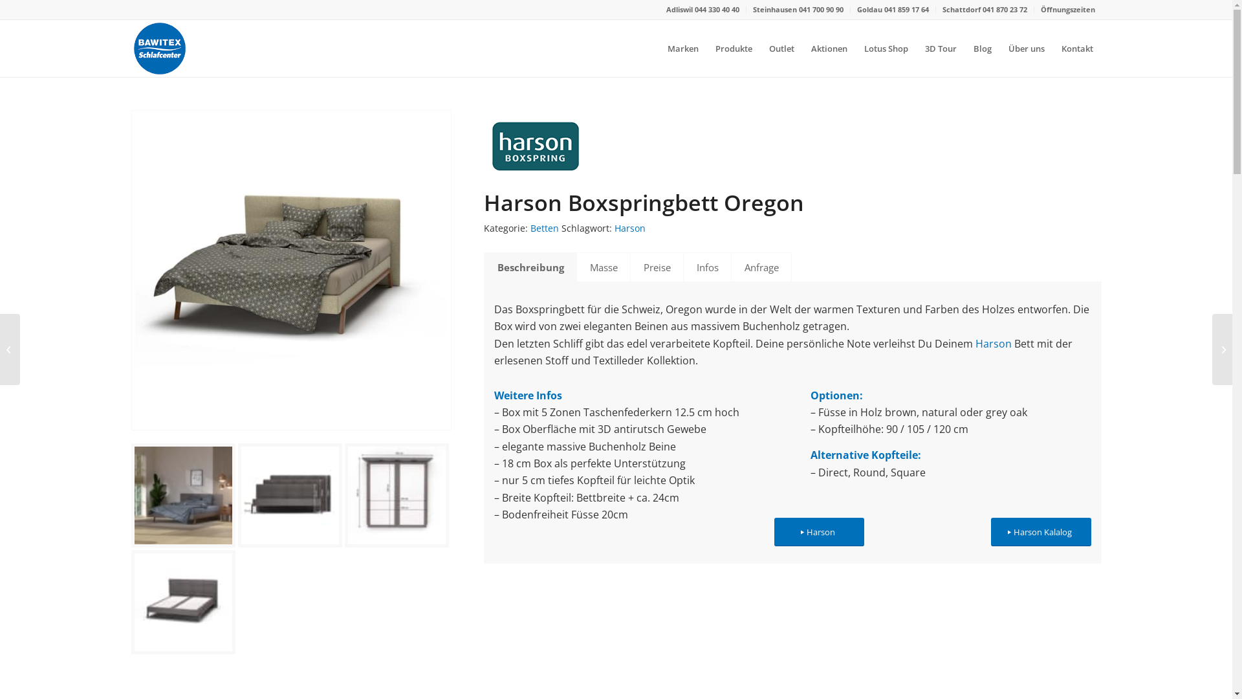 The height and width of the screenshot is (699, 1242). I want to click on 'Preise', so click(657, 266).